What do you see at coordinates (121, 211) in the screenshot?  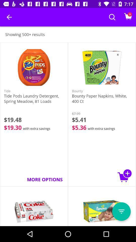 I see `filter selected product` at bounding box center [121, 211].